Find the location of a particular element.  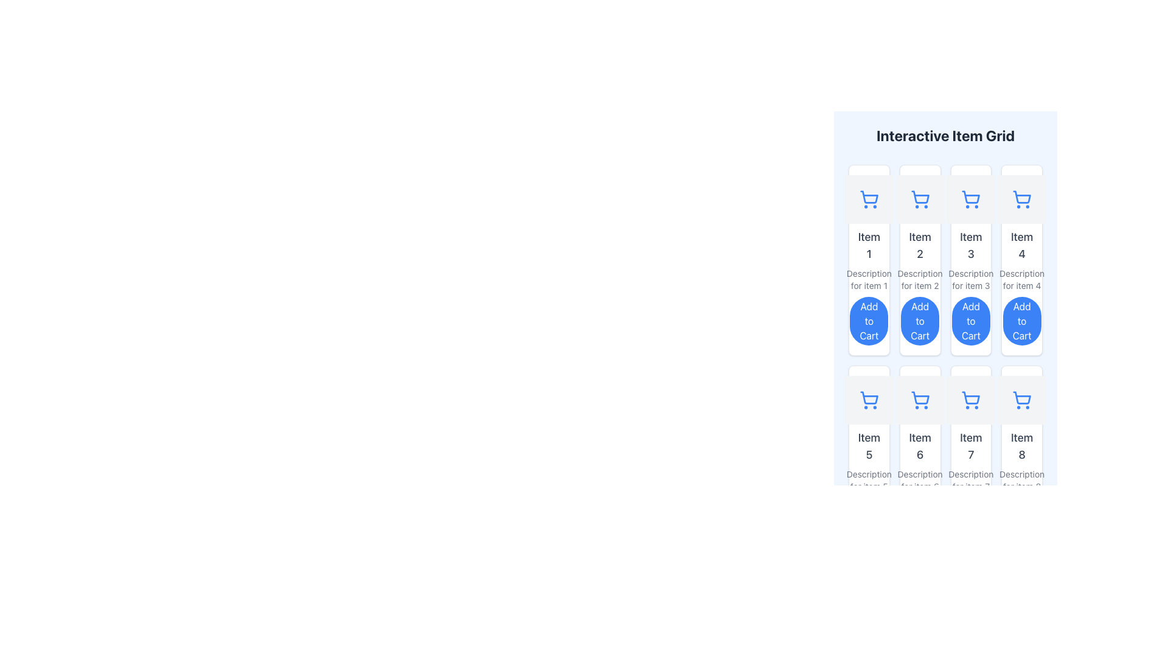

the static text label that reads 'Description for item 7', which is located under the title 'Item 7' in the seventh item card on the second row of the grid layout is located at coordinates (970, 480).